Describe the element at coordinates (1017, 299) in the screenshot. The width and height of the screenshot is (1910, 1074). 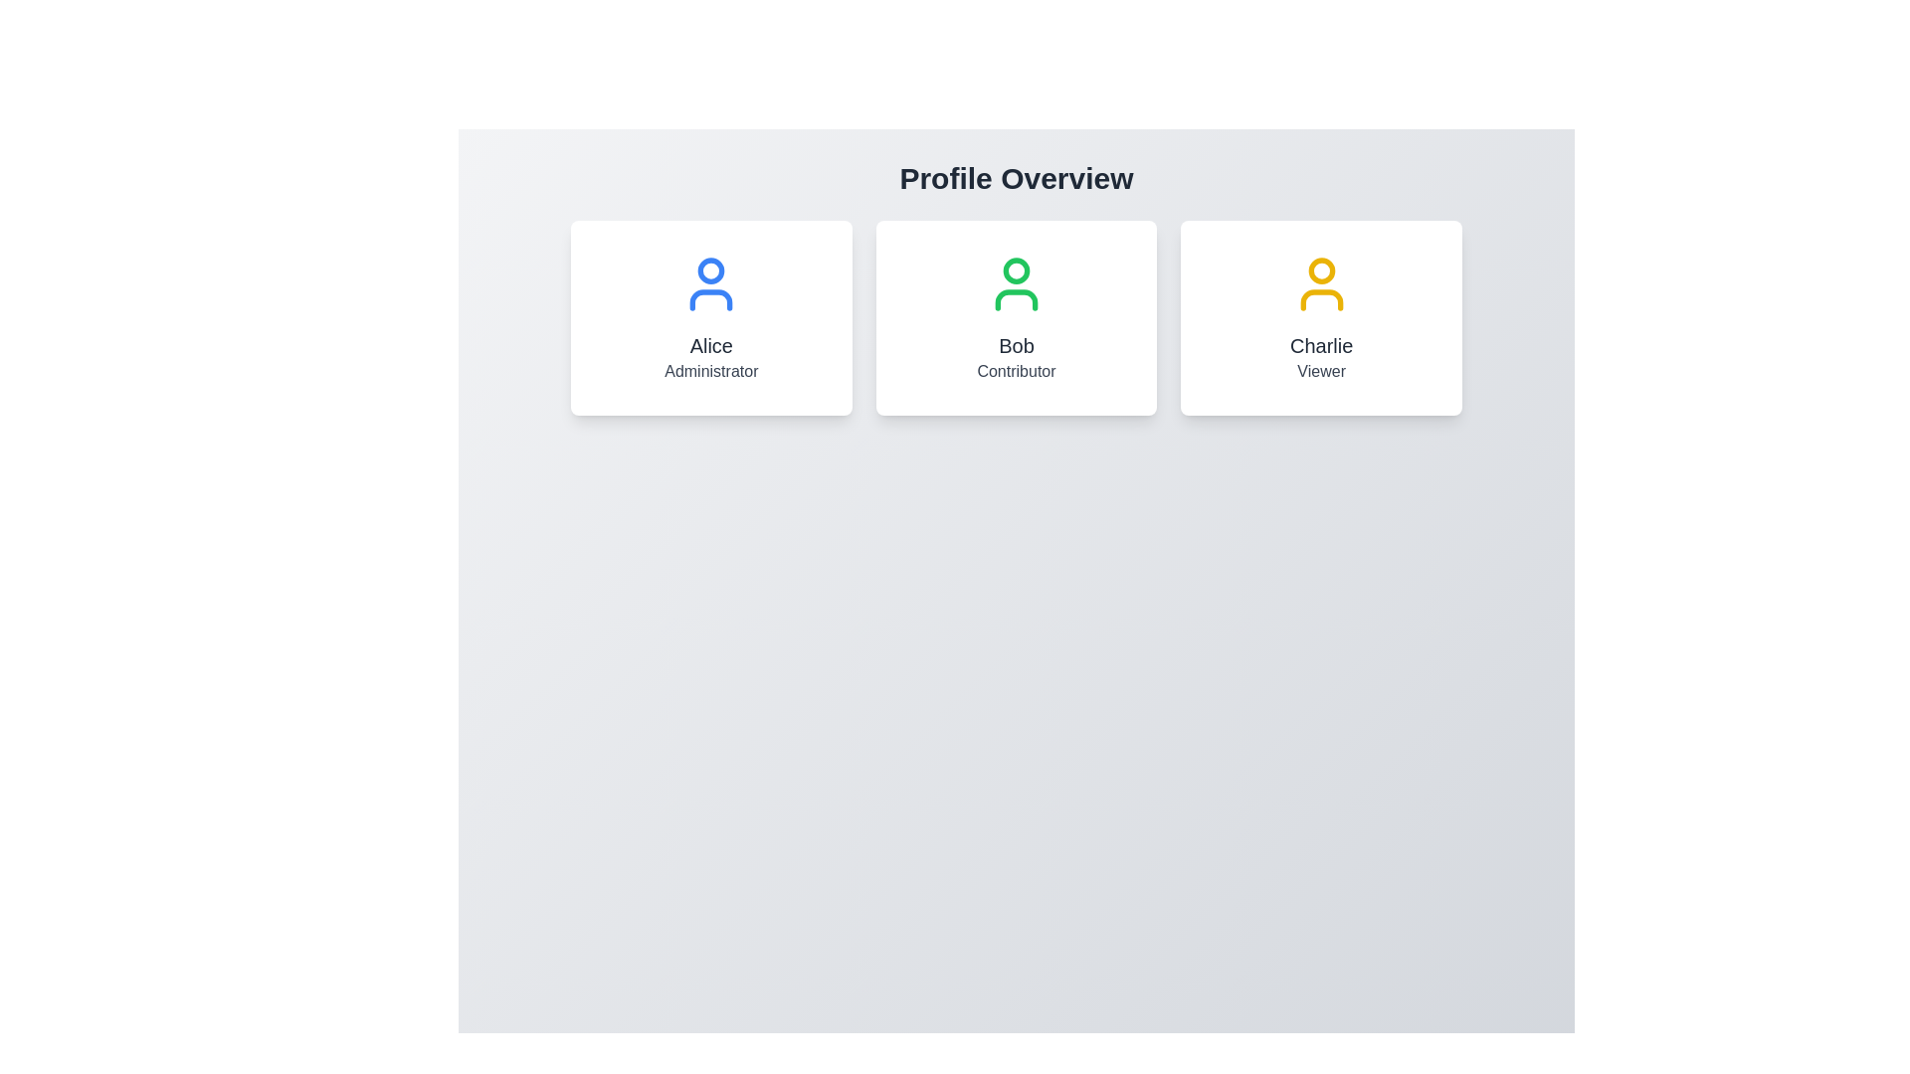
I see `the lower part of the user icon representing 'Bob' in the second card of the grid layout` at that location.